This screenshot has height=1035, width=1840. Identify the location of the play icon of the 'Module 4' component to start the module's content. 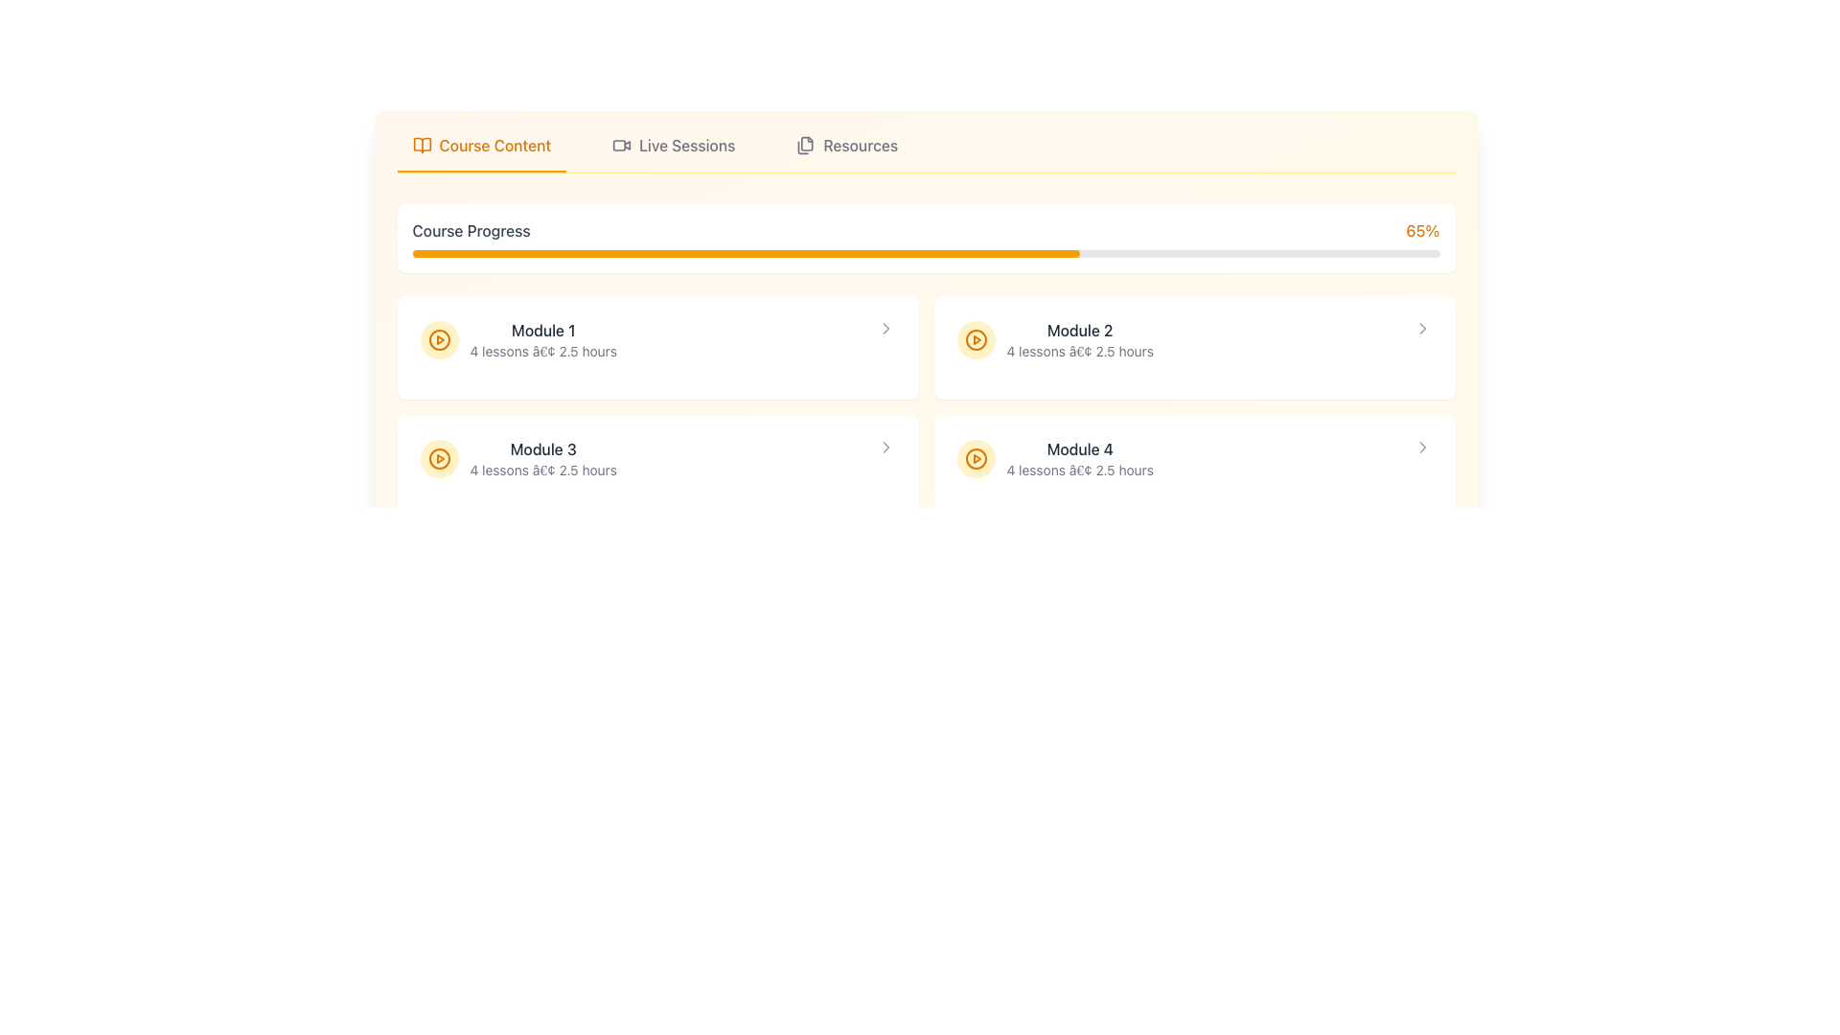
(1193, 458).